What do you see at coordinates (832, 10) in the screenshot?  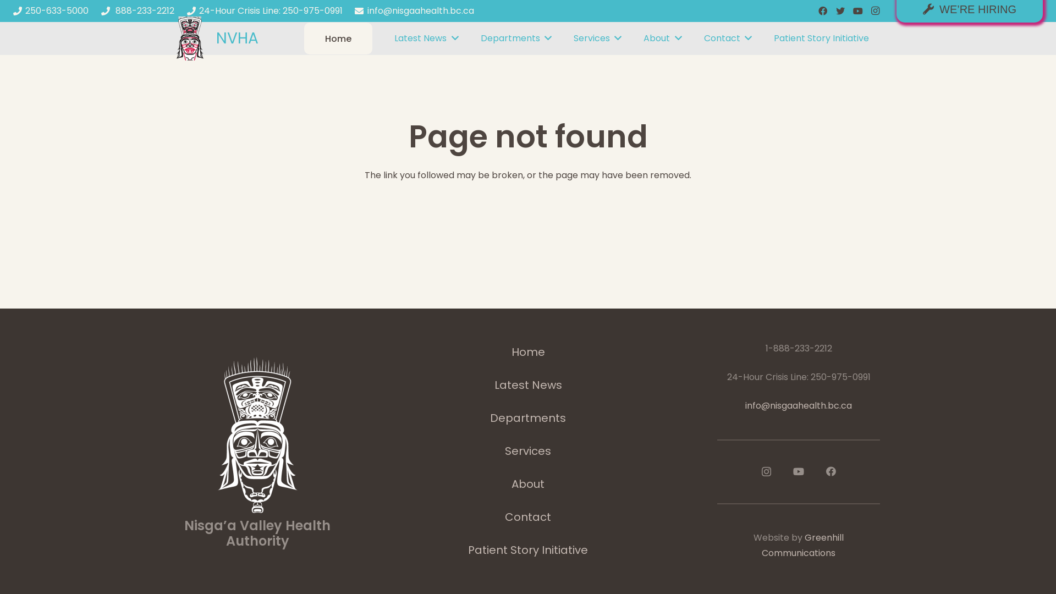 I see `'Twitter'` at bounding box center [832, 10].